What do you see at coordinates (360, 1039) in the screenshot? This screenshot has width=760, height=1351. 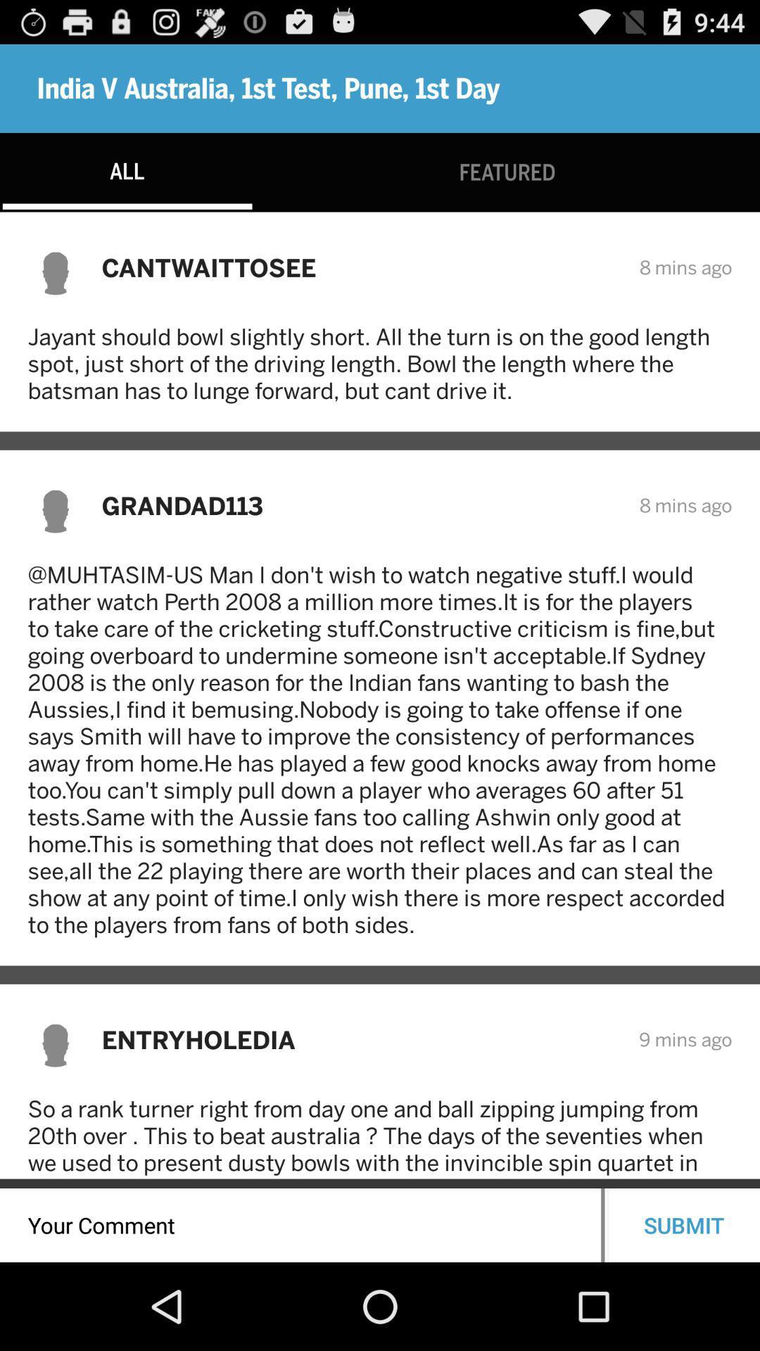 I see `item above so a rank item` at bounding box center [360, 1039].